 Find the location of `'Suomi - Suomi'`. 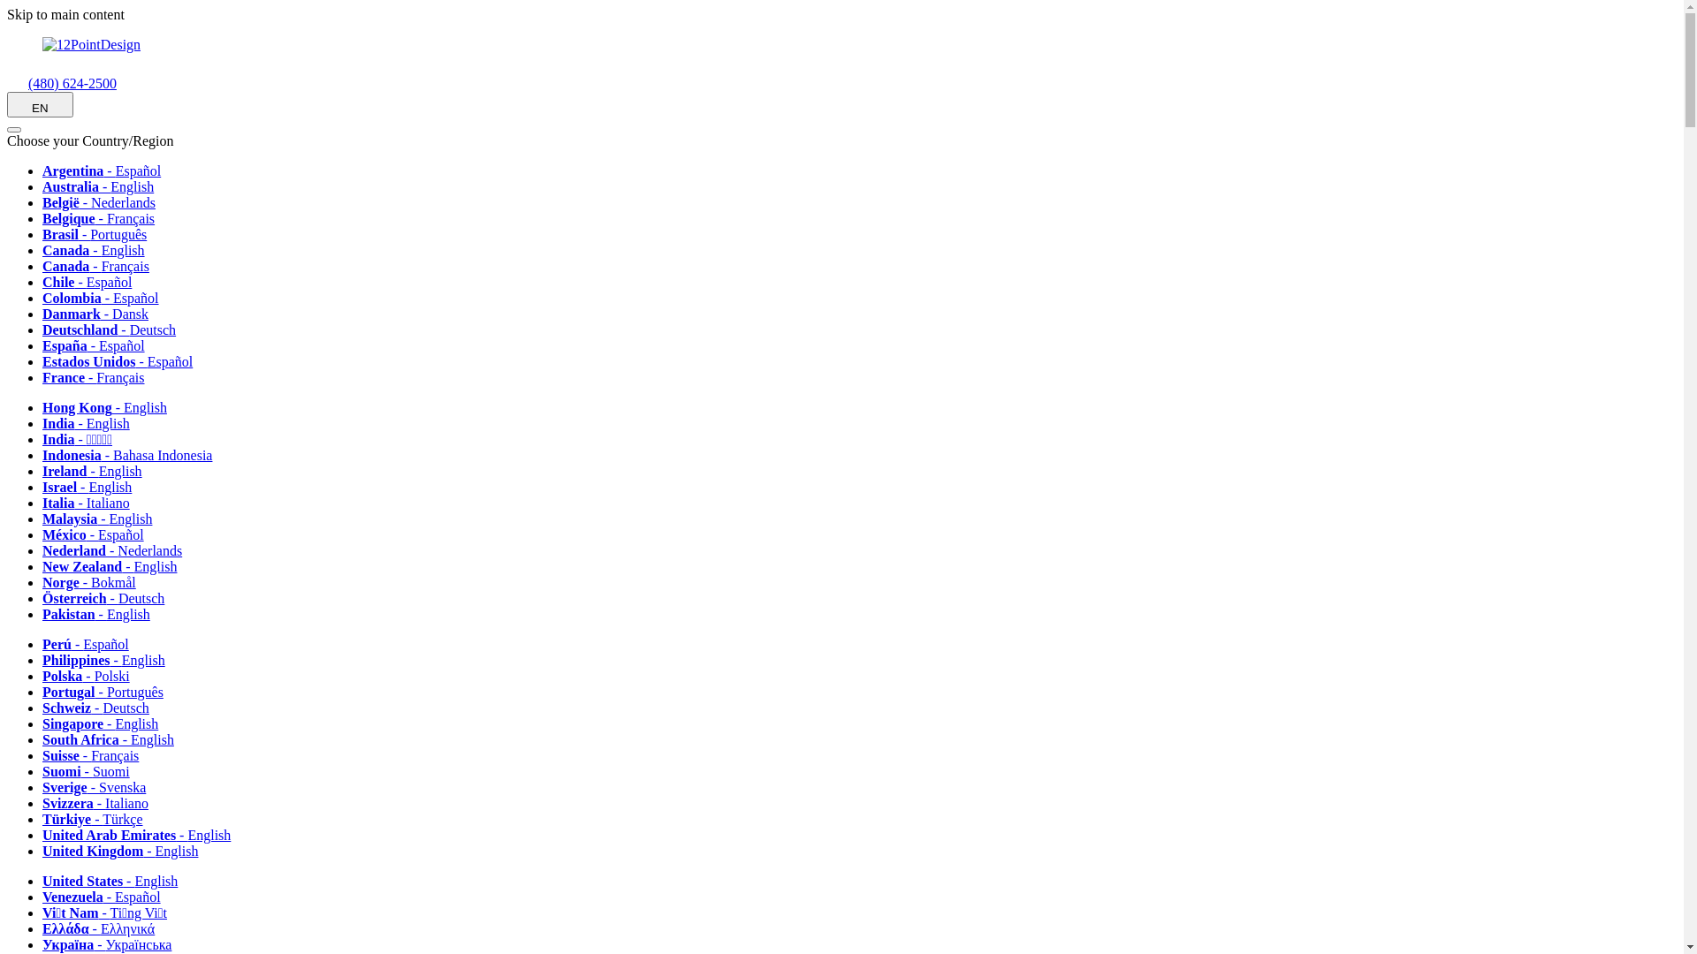

'Suomi - Suomi' is located at coordinates (91, 770).